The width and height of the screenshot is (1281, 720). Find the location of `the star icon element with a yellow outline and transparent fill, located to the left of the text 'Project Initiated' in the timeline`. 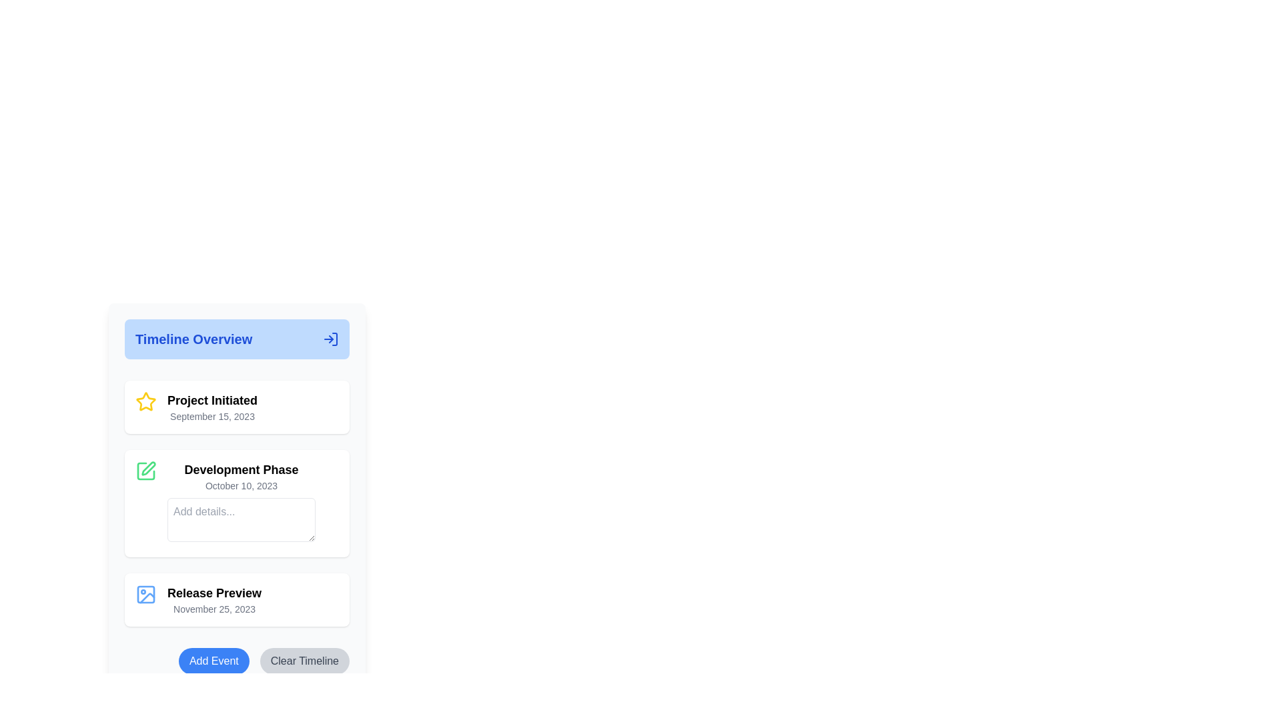

the star icon element with a yellow outline and transparent fill, located to the left of the text 'Project Initiated' in the timeline is located at coordinates (146, 401).